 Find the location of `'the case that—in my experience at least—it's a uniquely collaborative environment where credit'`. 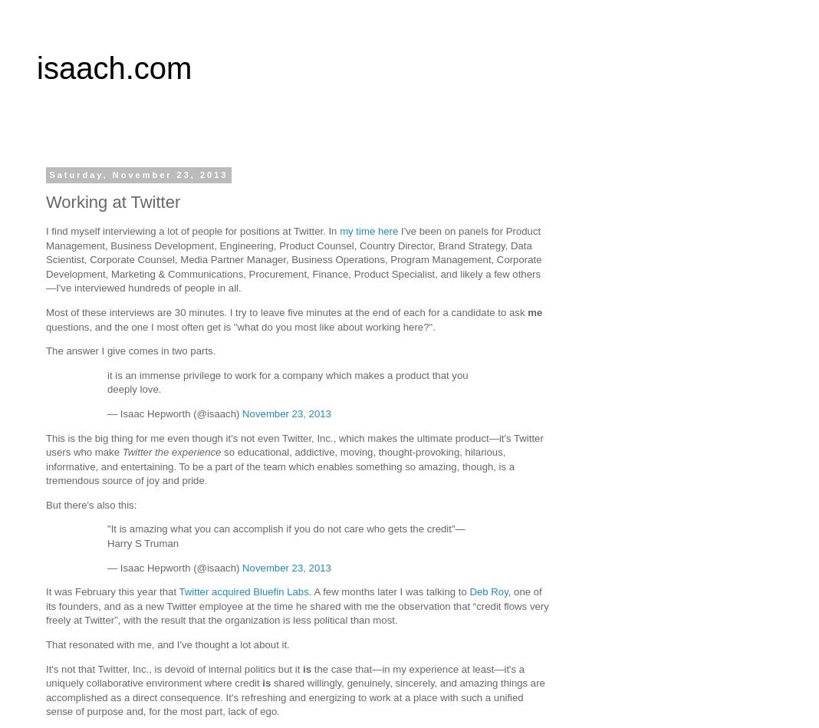

'the case that—in my experience at least—it's a uniquely collaborative environment where credit' is located at coordinates (284, 674).